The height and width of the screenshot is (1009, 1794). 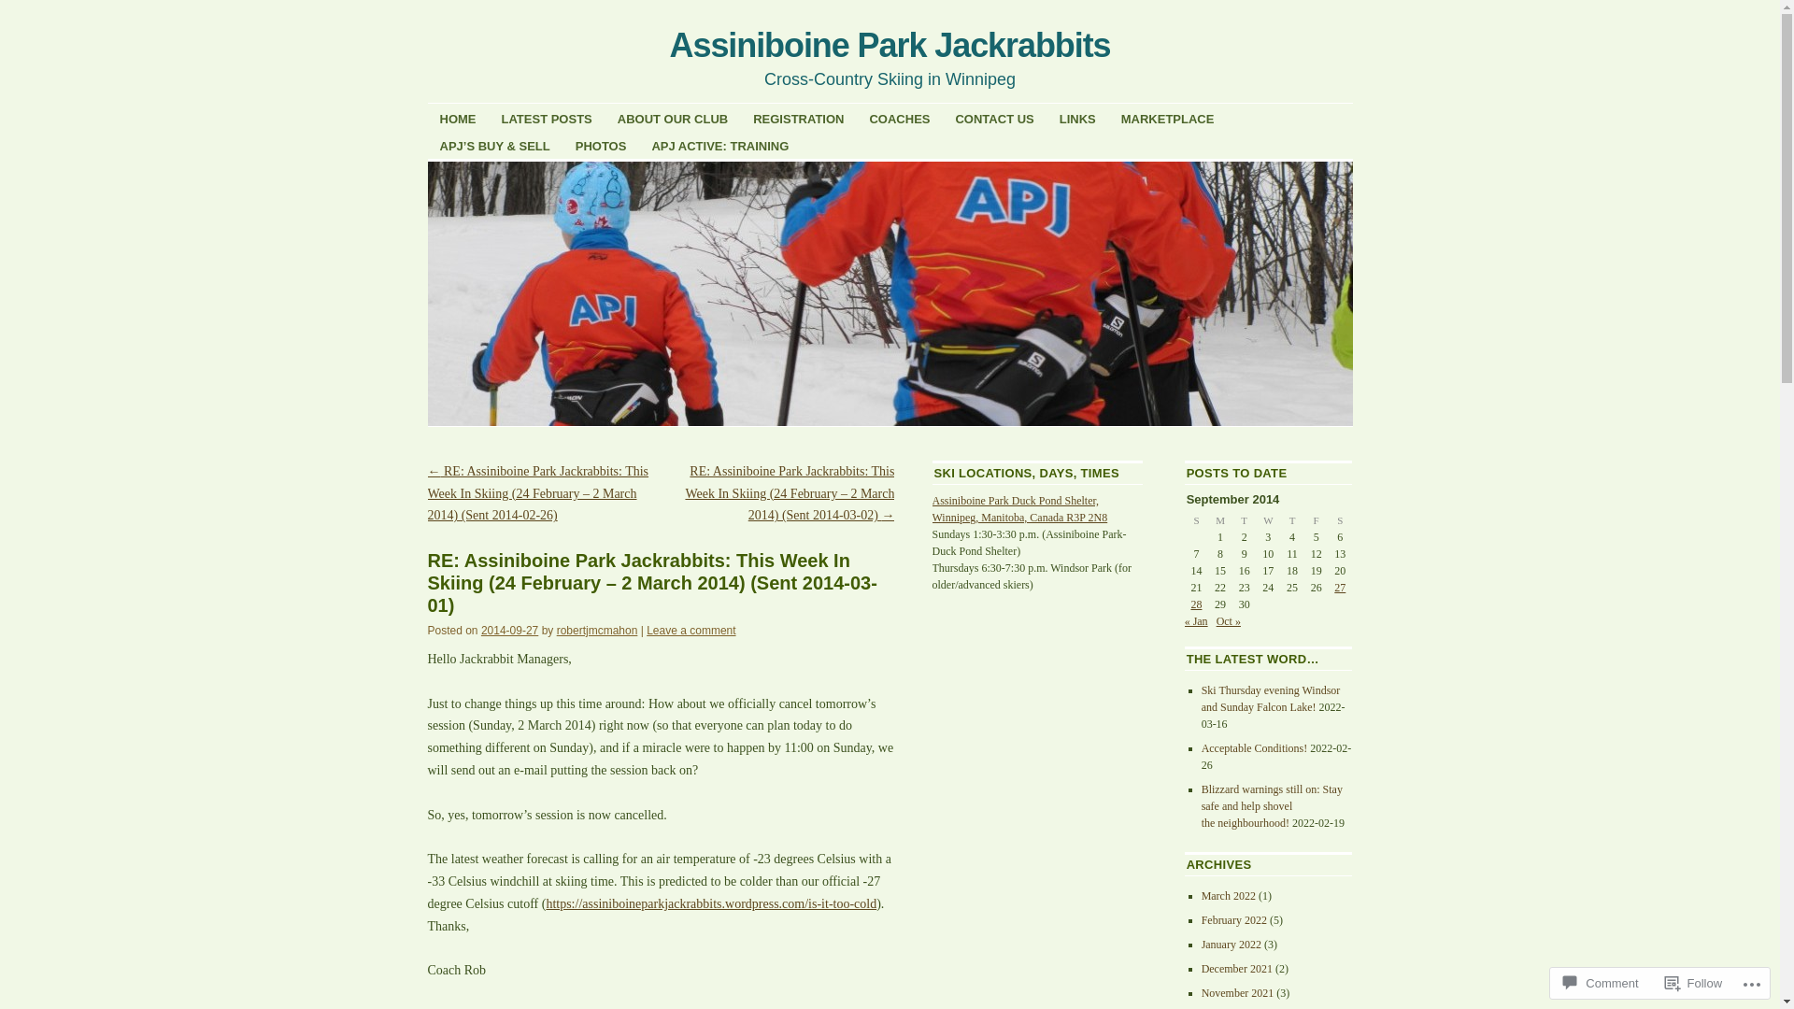 I want to click on 'PHOTOS', so click(x=601, y=144).